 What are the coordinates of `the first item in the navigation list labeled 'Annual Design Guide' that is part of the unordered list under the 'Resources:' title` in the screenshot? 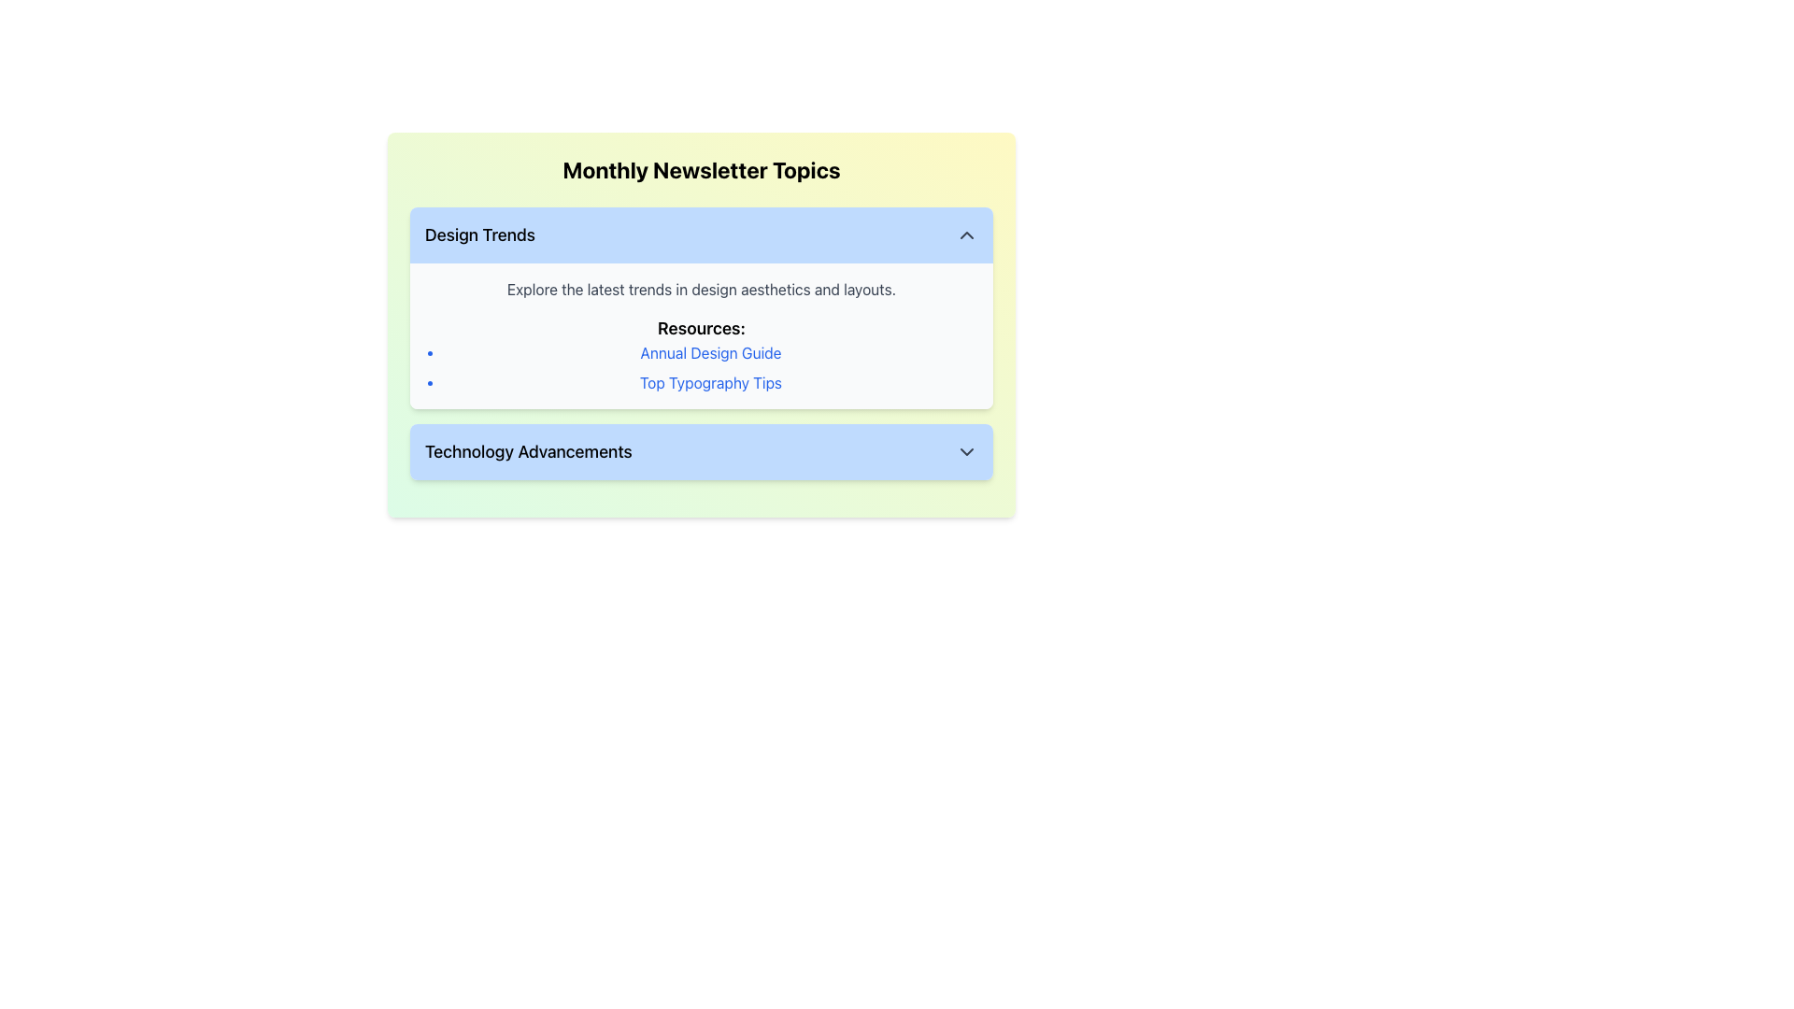 It's located at (700, 367).